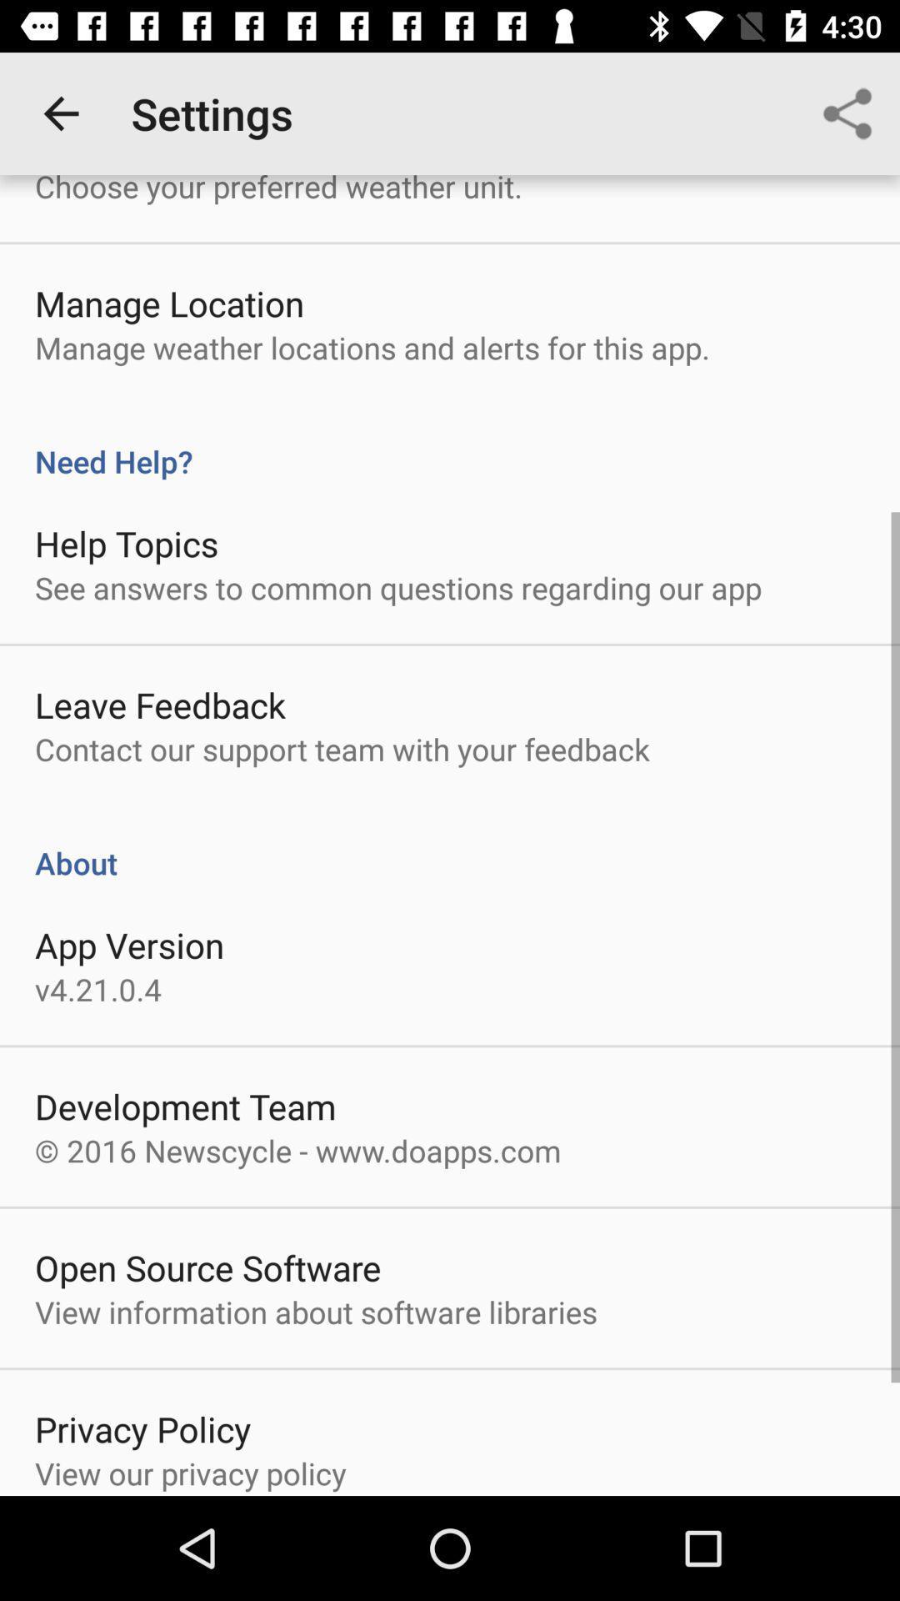 The width and height of the screenshot is (900, 1601). I want to click on the item below the privacy policy icon, so click(189, 1473).